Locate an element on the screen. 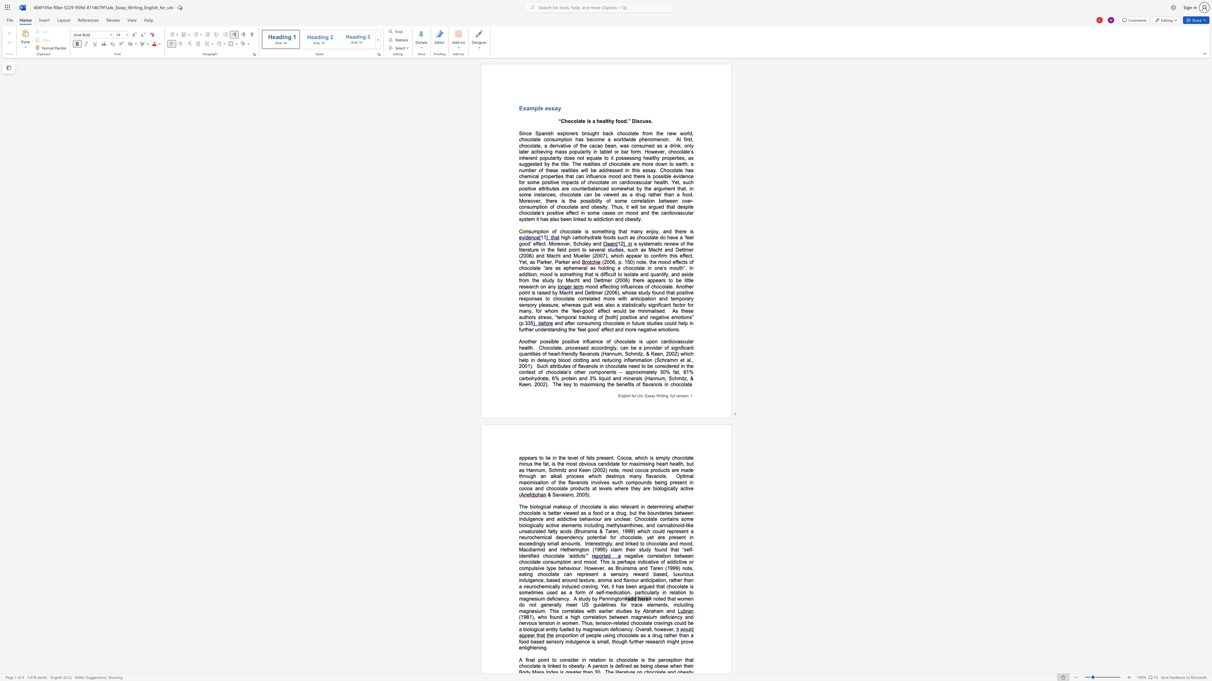 The width and height of the screenshot is (1212, 681). the subset text "e e" within the text "Example essay" is located at coordinates (539, 108).